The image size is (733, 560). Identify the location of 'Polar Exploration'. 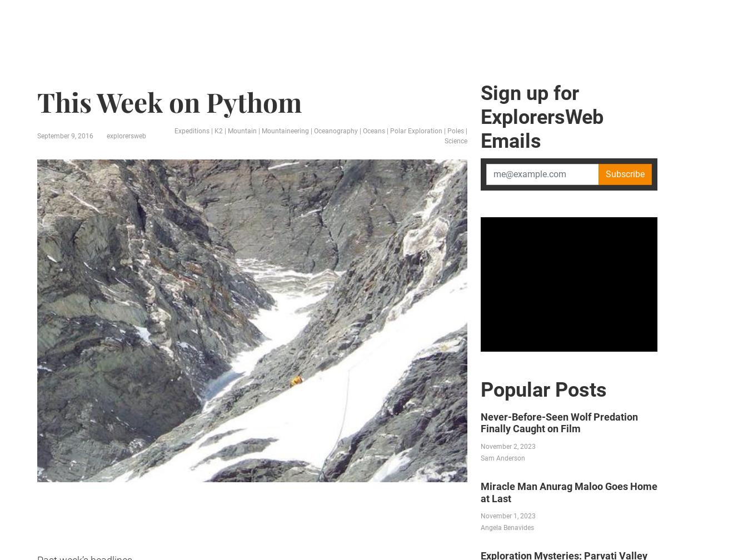
(381, 85).